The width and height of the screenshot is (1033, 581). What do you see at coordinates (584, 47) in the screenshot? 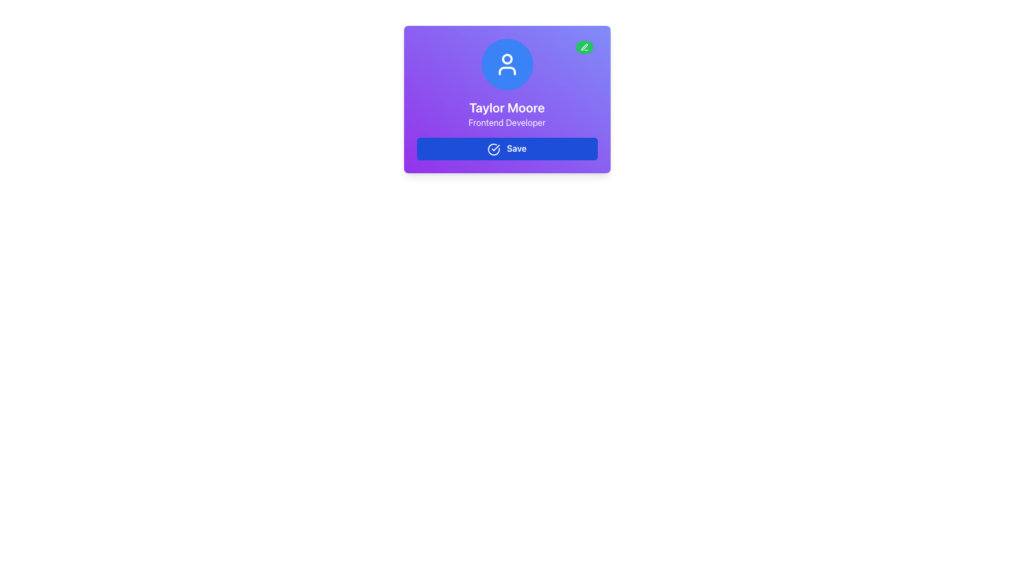
I see `the small green circular button with a white pen icon located in the upper-right corner of the card` at bounding box center [584, 47].